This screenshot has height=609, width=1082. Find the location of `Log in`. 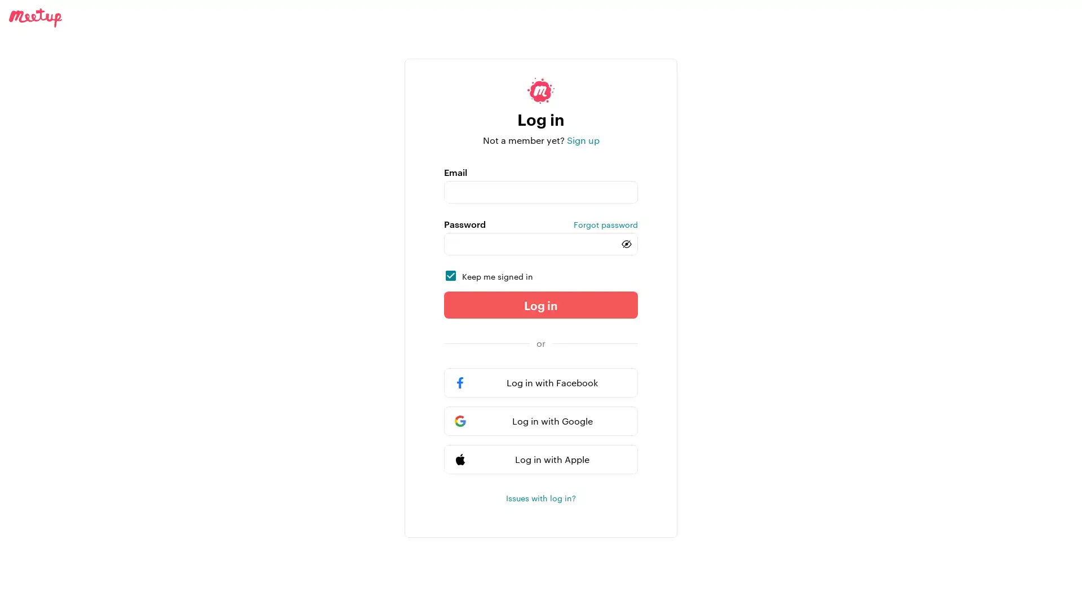

Log in is located at coordinates (541, 304).